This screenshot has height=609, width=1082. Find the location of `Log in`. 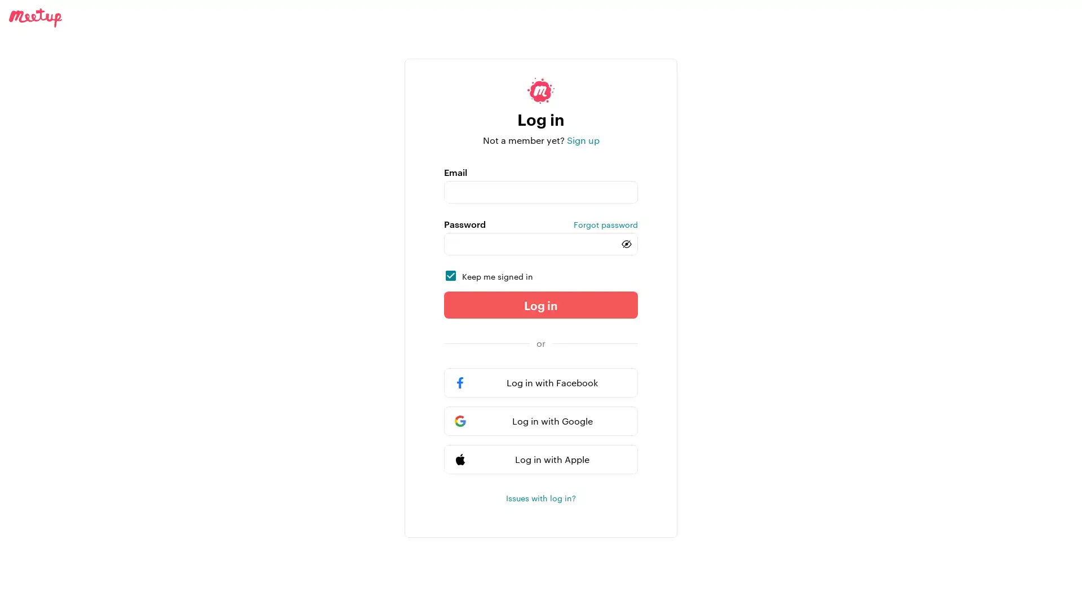

Log in is located at coordinates (541, 304).